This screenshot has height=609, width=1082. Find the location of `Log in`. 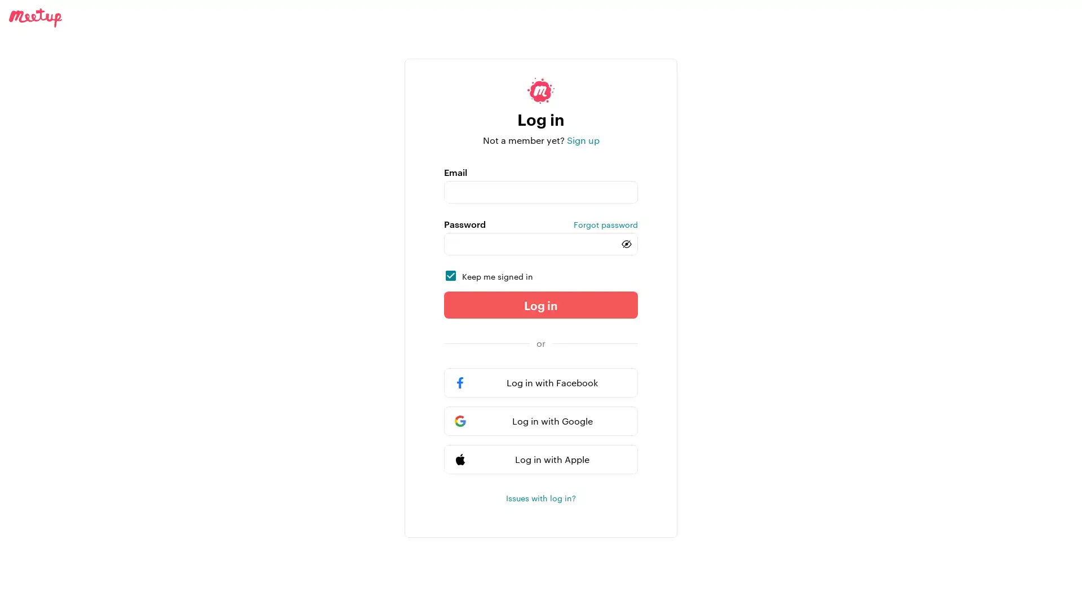

Log in is located at coordinates (541, 304).